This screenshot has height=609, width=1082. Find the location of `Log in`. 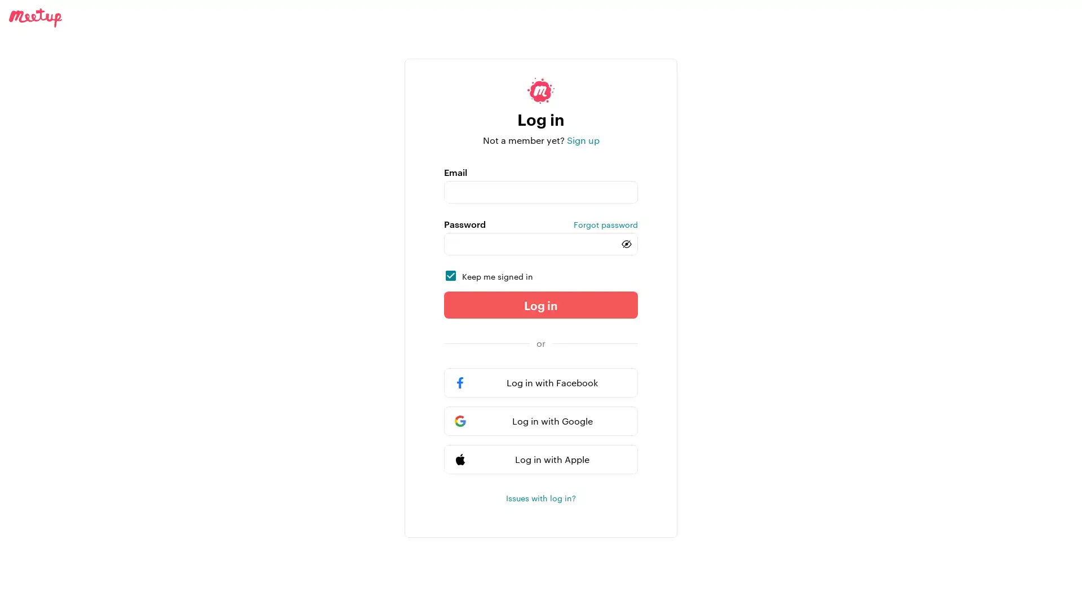

Log in is located at coordinates (541, 304).